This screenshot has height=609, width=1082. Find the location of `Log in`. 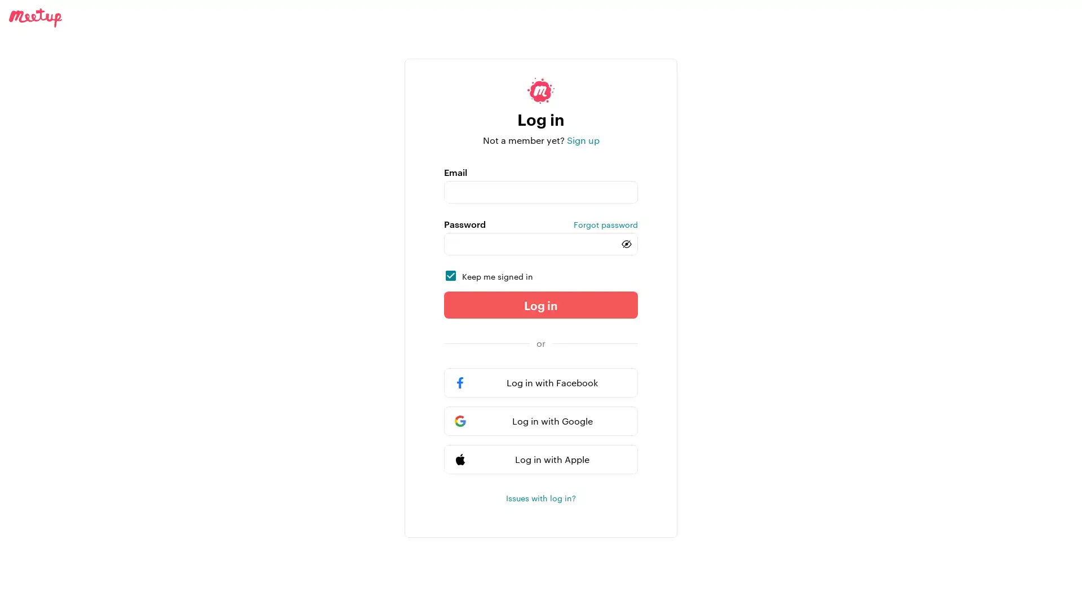

Log in is located at coordinates (541, 304).